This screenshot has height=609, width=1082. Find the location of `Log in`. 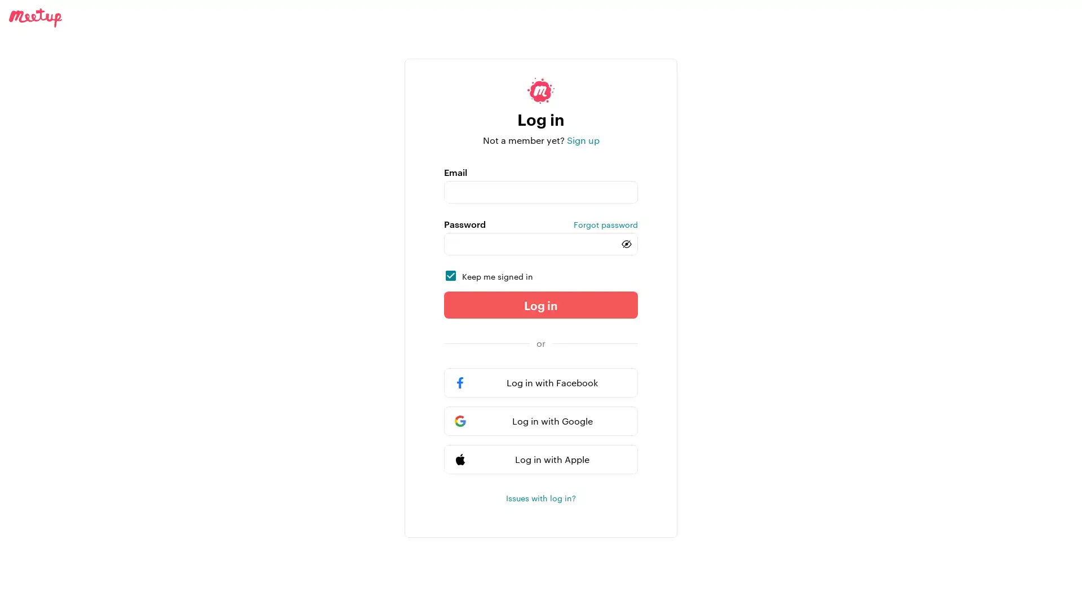

Log in is located at coordinates (541, 304).